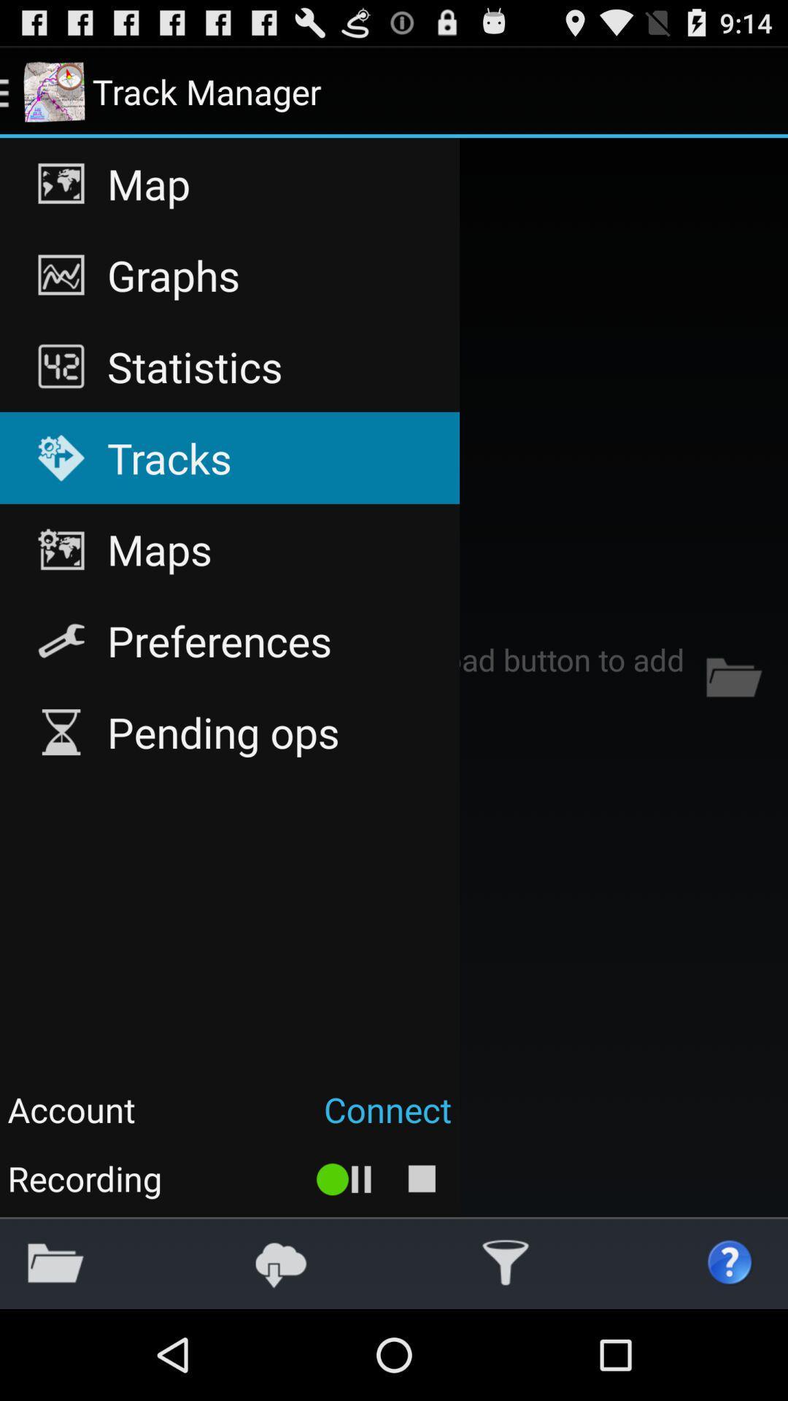  What do you see at coordinates (230, 549) in the screenshot?
I see `the maps icon` at bounding box center [230, 549].